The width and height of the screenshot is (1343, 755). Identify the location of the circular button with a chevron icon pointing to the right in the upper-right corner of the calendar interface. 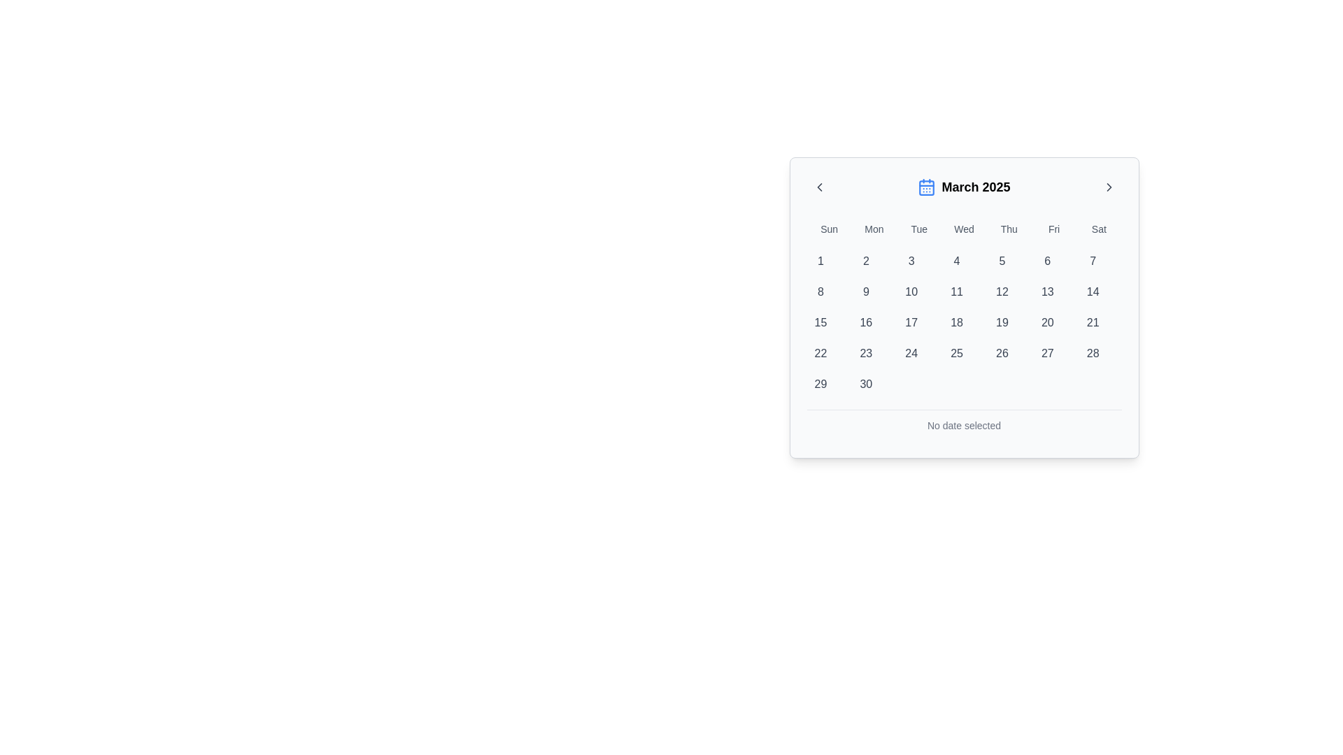
(1108, 186).